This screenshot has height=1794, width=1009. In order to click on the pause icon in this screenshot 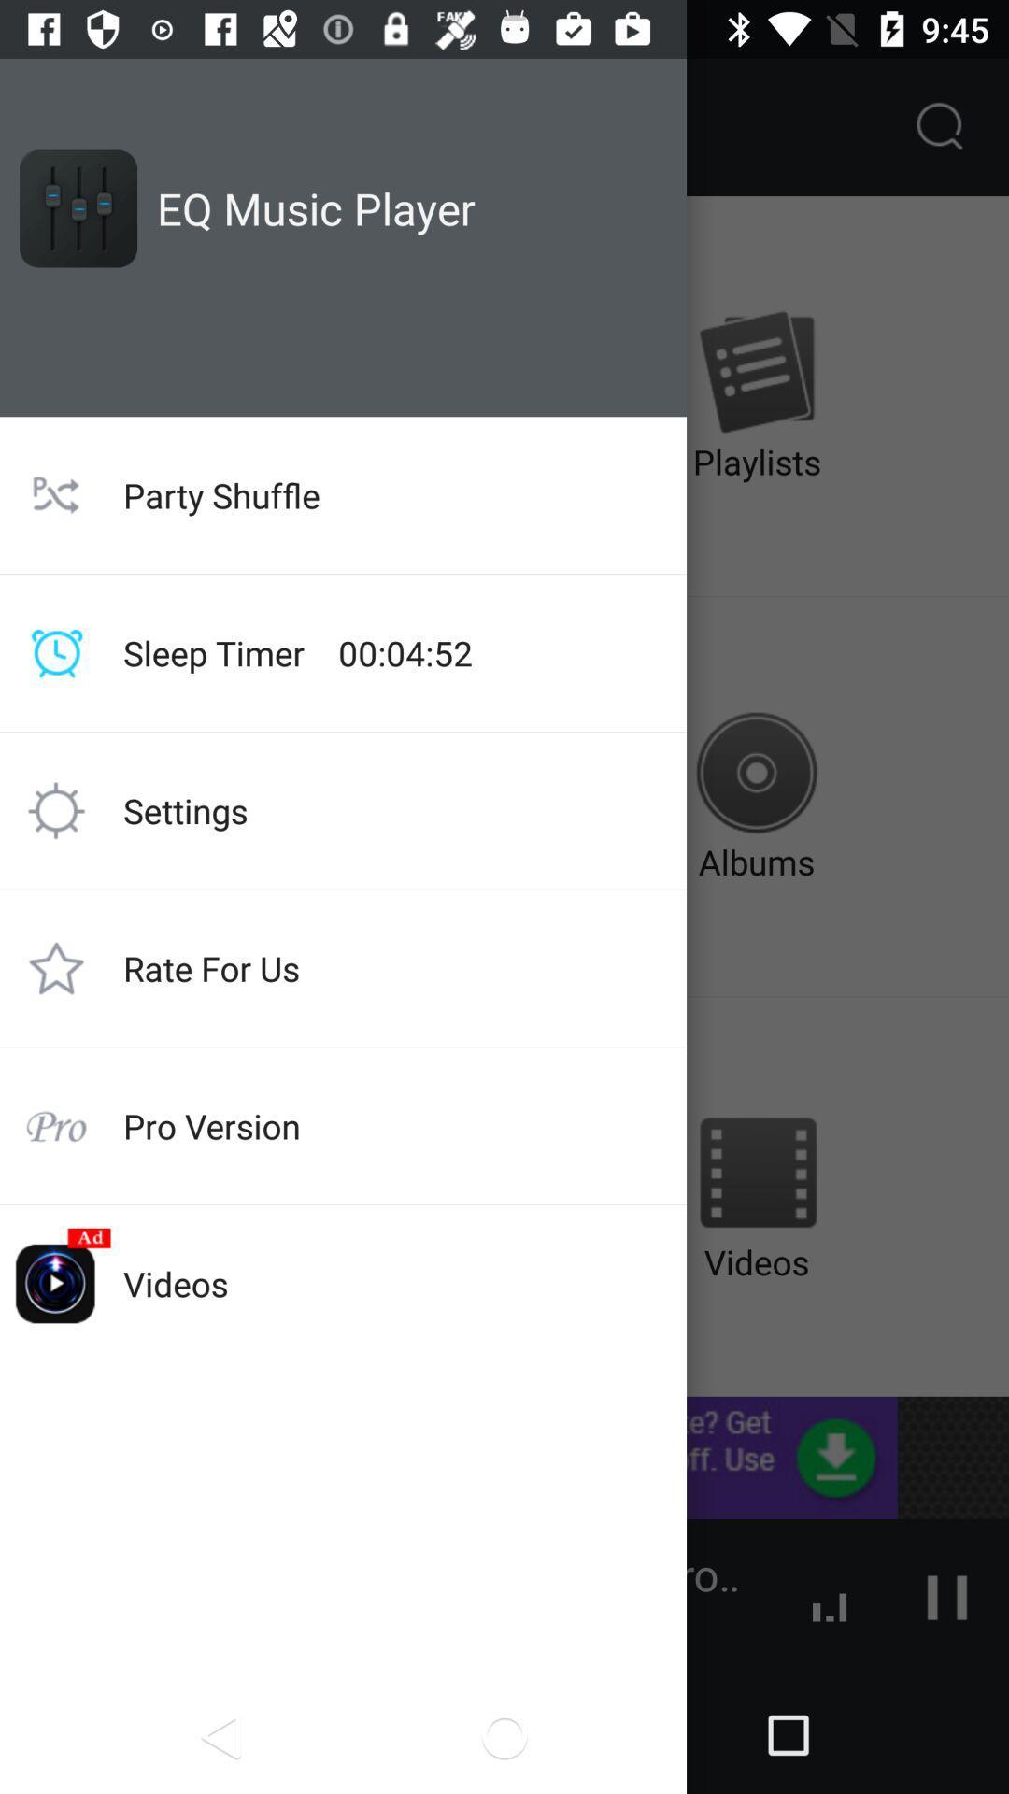, I will do `click(947, 1596)`.